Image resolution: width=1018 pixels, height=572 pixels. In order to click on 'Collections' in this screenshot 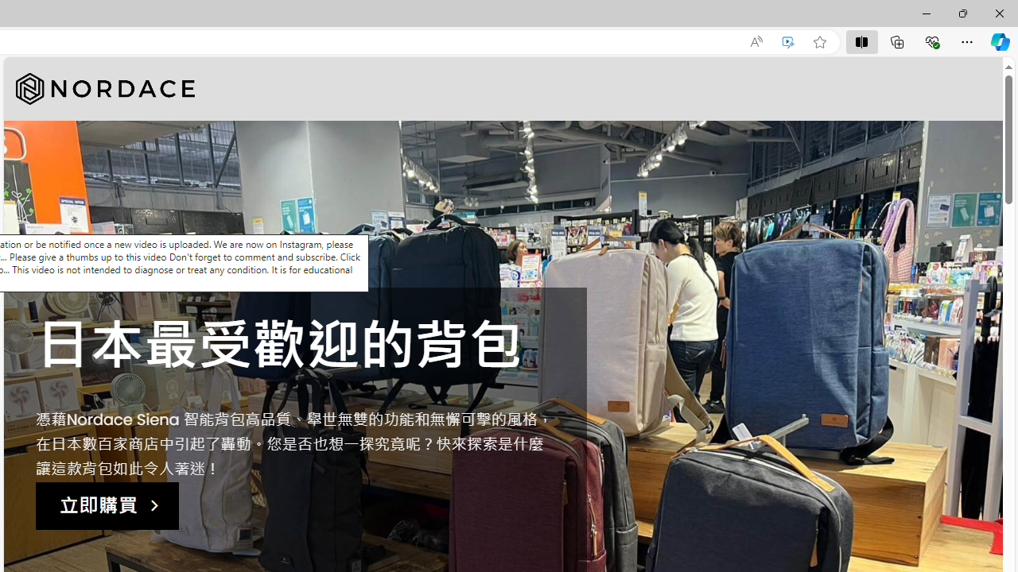, I will do `click(897, 41)`.